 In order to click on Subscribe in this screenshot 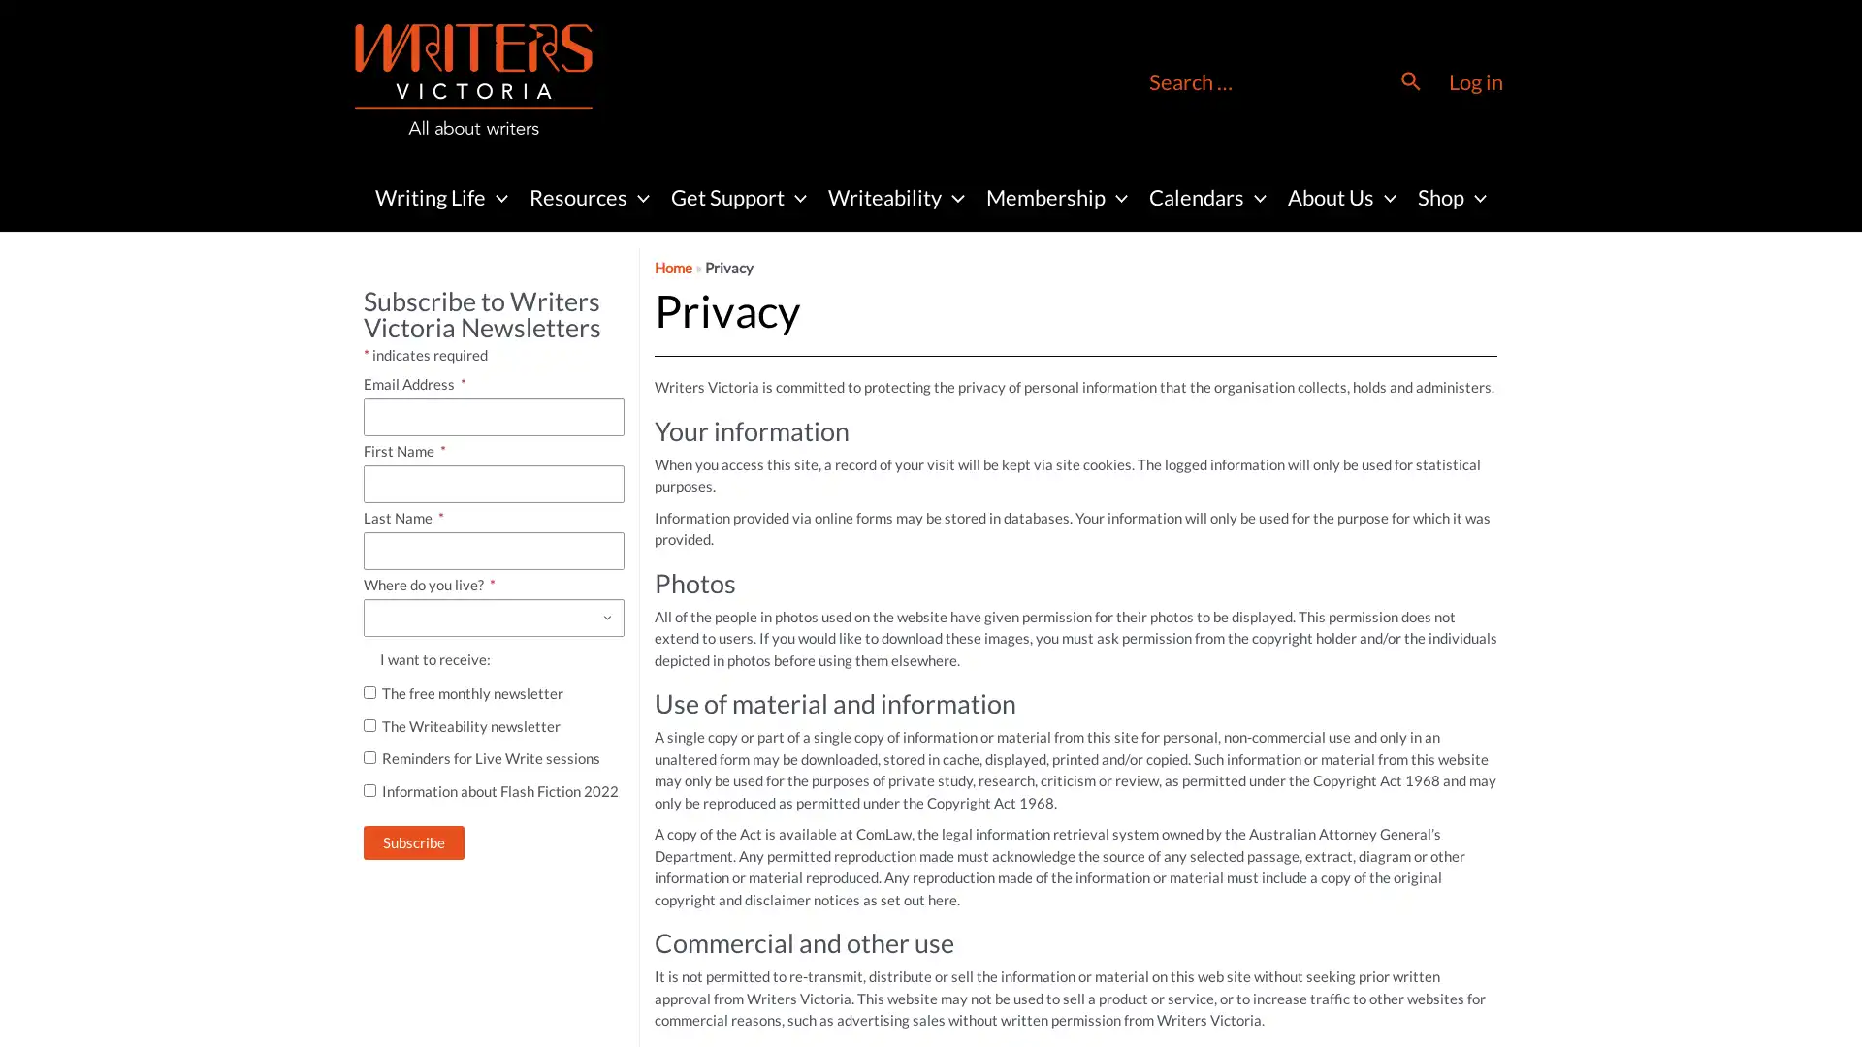, I will do `click(413, 841)`.